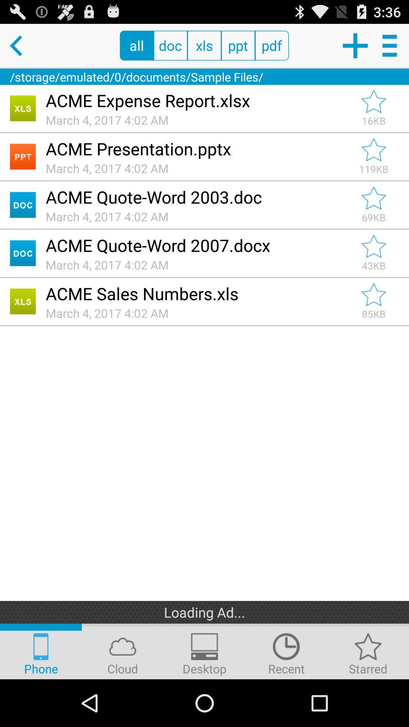 The width and height of the screenshot is (409, 727). Describe the element at coordinates (373, 150) in the screenshot. I see `file` at that location.